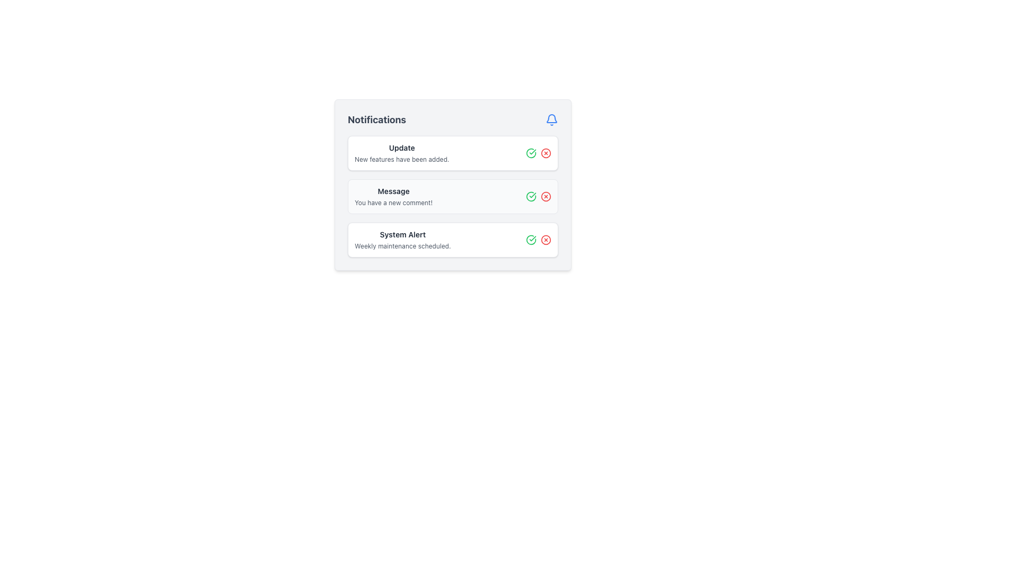 Image resolution: width=1015 pixels, height=571 pixels. What do you see at coordinates (393, 191) in the screenshot?
I see `the text label that serves as the title or category of the second notification in the notifications panel, located between the 'Update' notification and the 'System Alert' notification` at bounding box center [393, 191].